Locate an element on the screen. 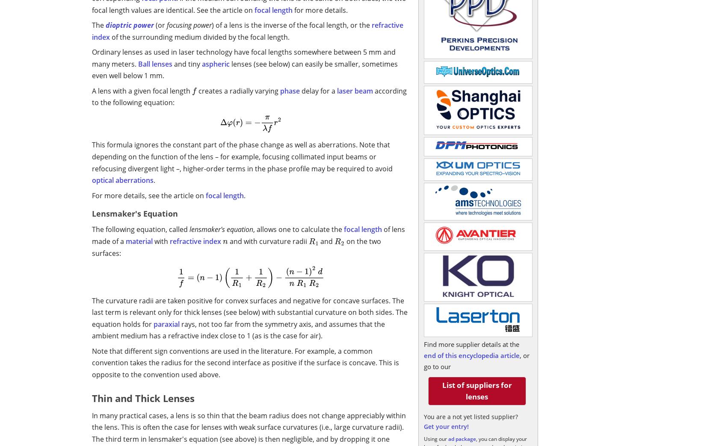 This screenshot has width=725, height=446. 'paraxial' is located at coordinates (166, 324).